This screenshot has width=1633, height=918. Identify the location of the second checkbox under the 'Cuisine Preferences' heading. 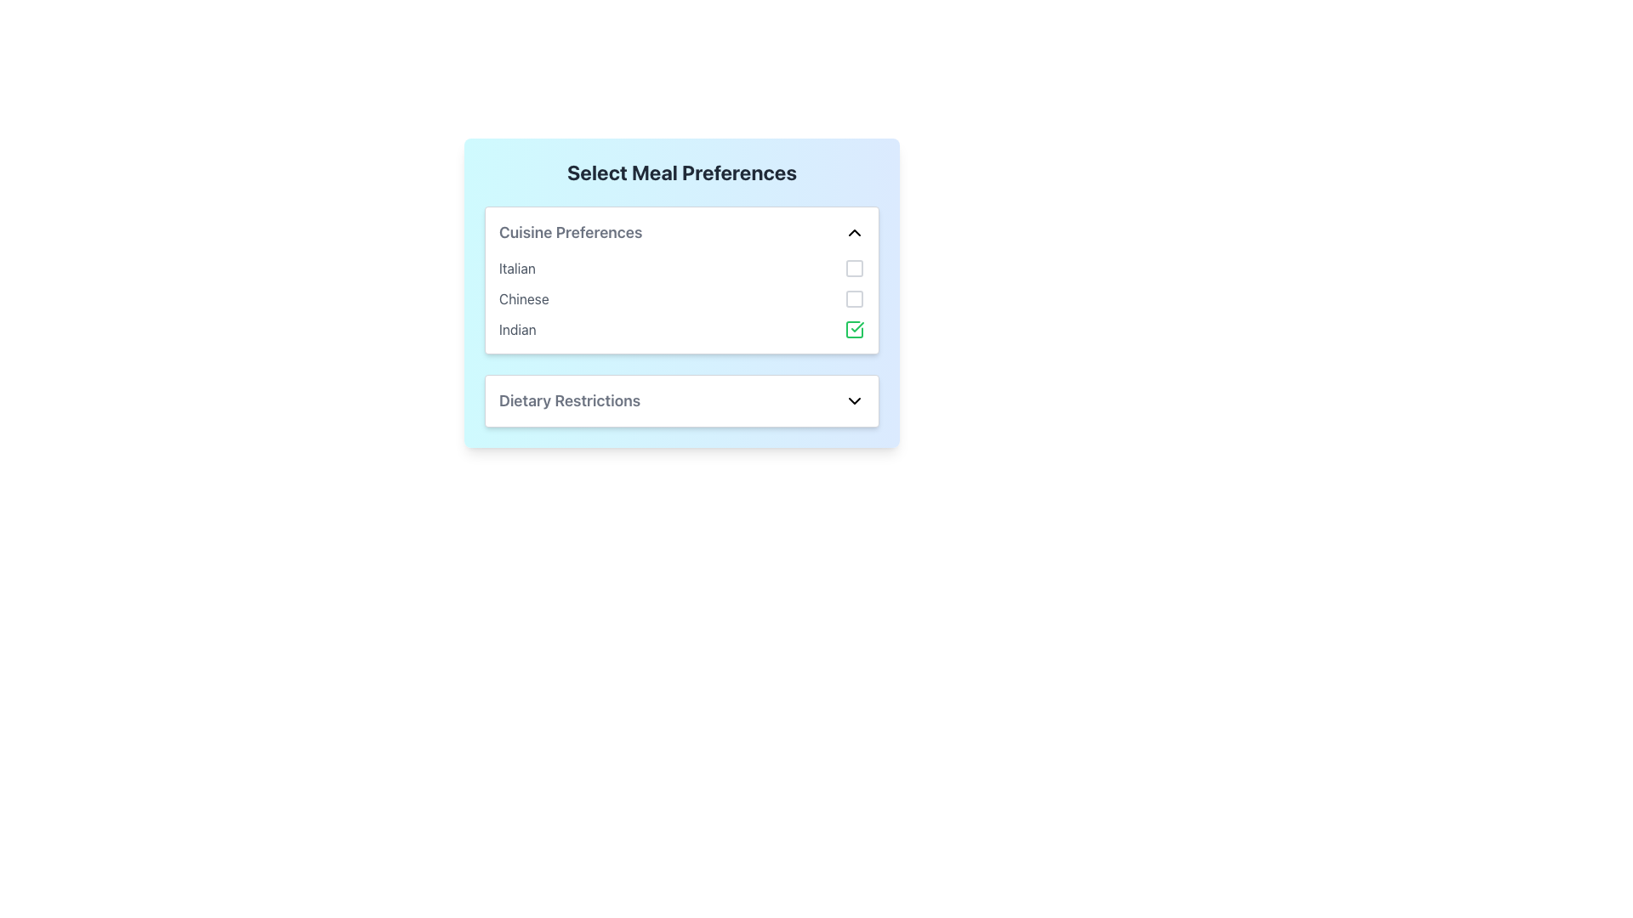
(854, 297).